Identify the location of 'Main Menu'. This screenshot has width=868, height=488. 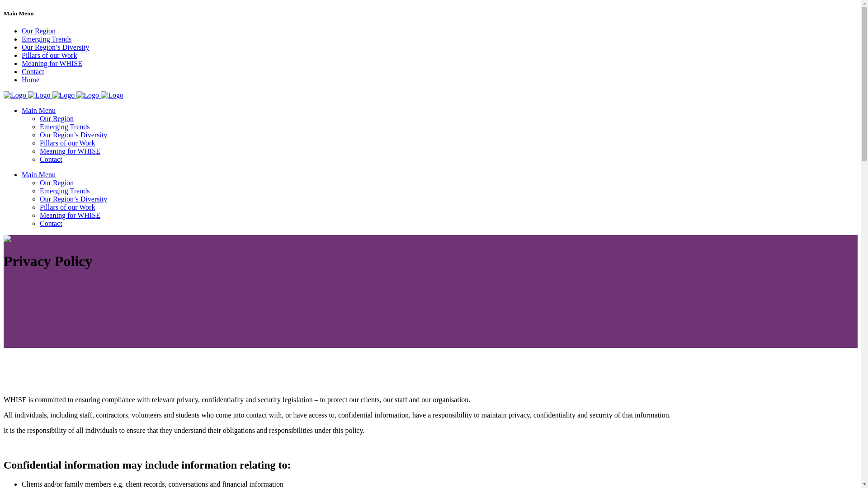
(22, 174).